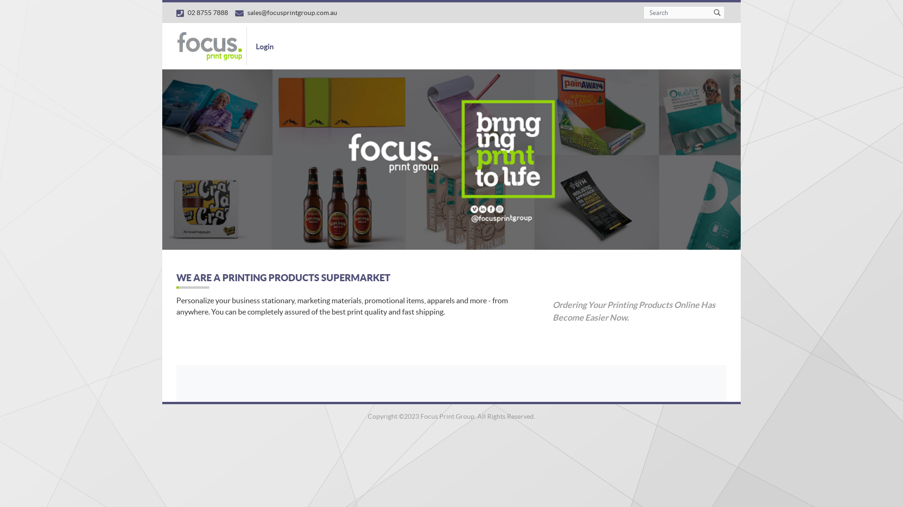 The image size is (903, 507). I want to click on '02 8755 7888', so click(202, 12).